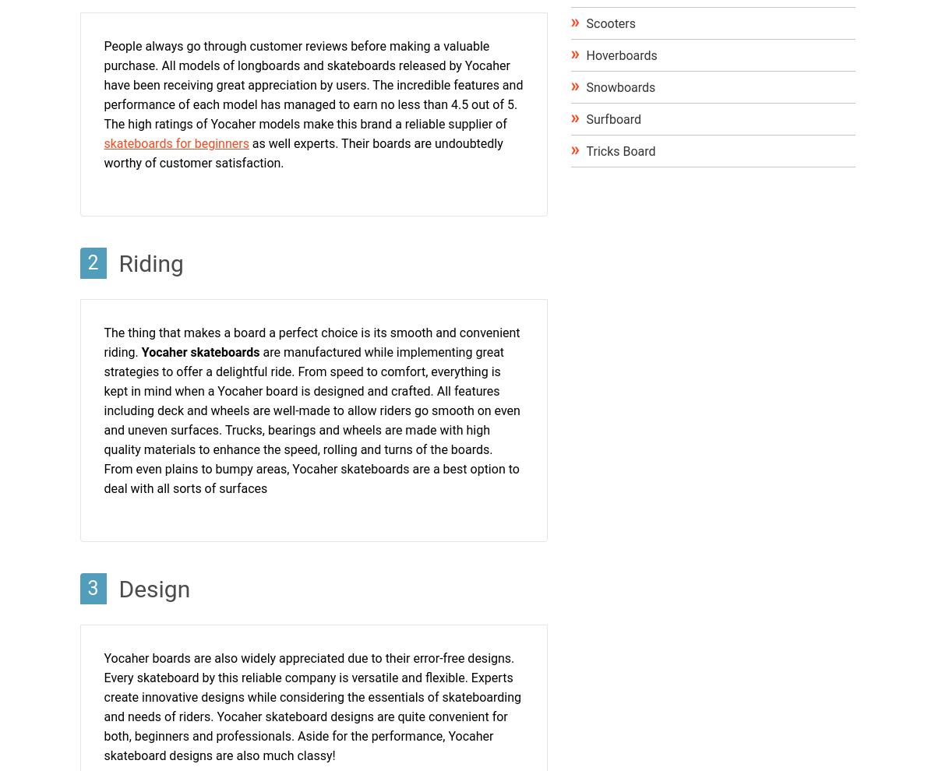 The height and width of the screenshot is (771, 935). Describe the element at coordinates (585, 151) in the screenshot. I see `'Tricks Board'` at that location.